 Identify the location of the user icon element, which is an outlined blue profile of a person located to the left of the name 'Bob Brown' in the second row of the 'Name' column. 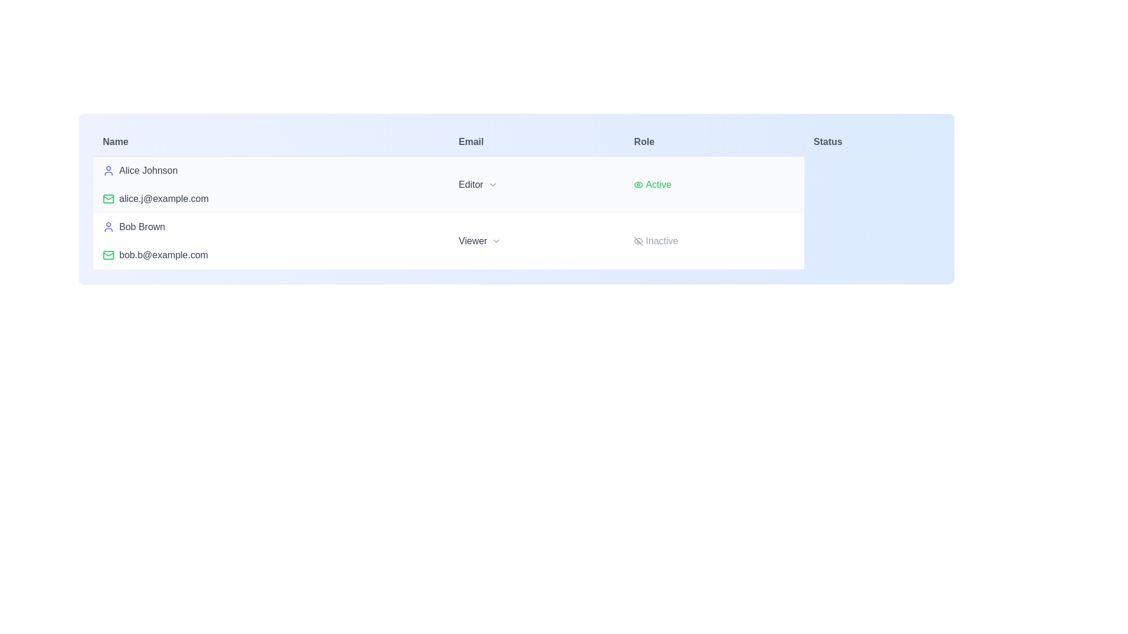
(109, 227).